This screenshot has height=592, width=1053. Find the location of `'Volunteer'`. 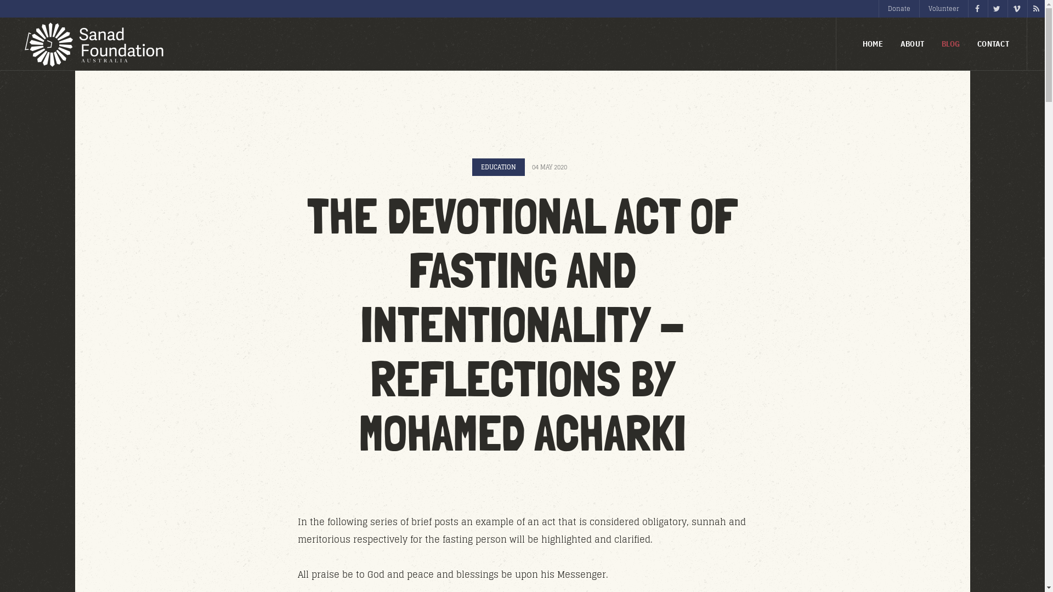

'Volunteer' is located at coordinates (943, 8).